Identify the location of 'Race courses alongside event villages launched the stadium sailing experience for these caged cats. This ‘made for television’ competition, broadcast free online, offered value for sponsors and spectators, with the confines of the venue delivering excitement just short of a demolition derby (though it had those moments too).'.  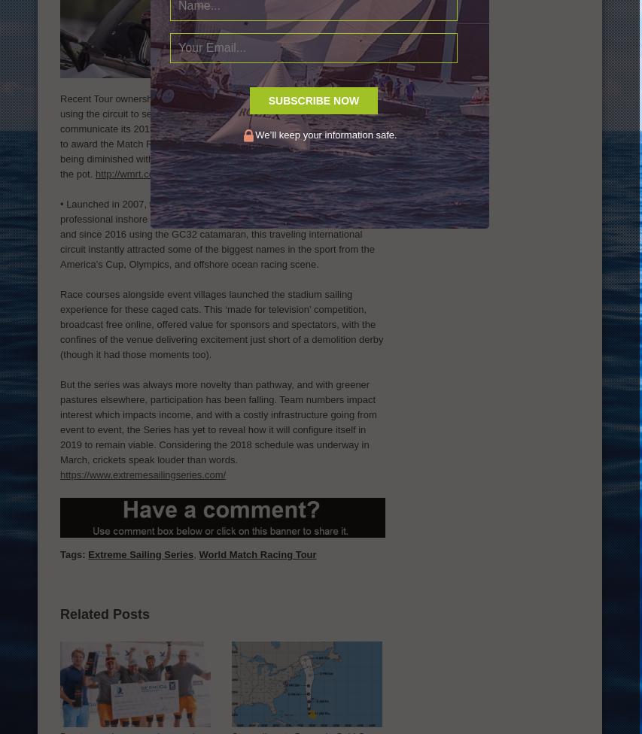
(221, 323).